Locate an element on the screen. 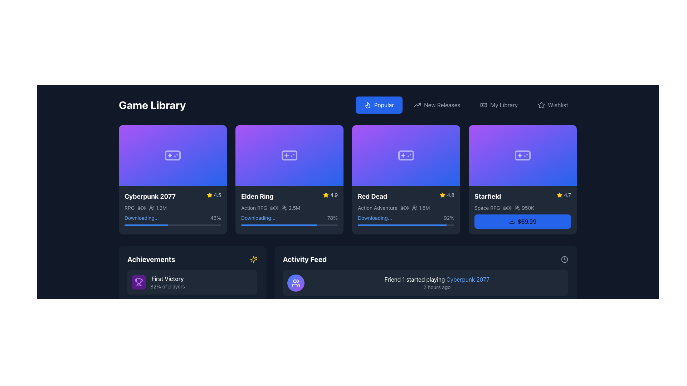  the horizontal progress bar indicating 78% progress located below the 'Elden Ring' text within the third card of the 'Popular' section is located at coordinates (278, 224).